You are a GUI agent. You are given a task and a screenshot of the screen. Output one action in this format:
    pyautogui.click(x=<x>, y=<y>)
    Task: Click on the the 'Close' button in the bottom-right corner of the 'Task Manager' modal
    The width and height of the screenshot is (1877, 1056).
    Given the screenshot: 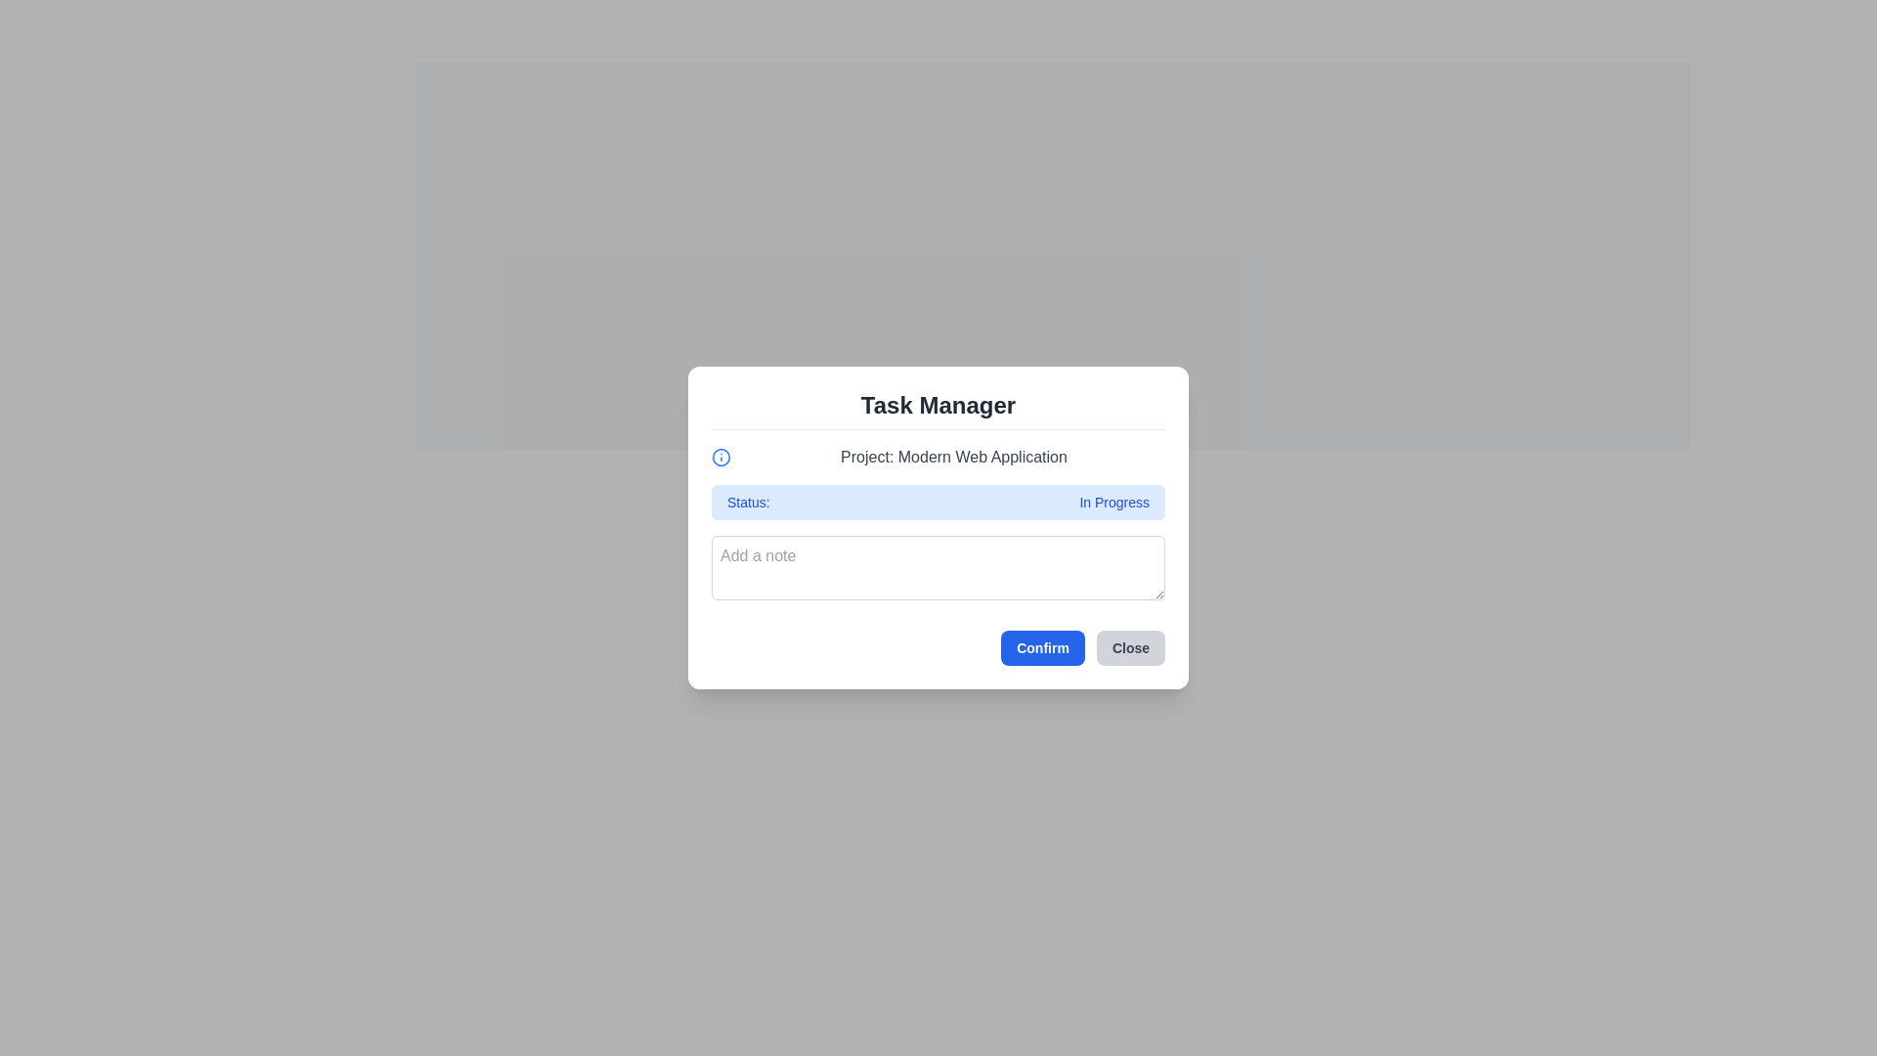 What is the action you would take?
    pyautogui.click(x=1130, y=648)
    